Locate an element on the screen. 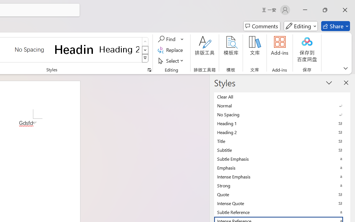 This screenshot has height=222, width=355. 'Task Pane Options' is located at coordinates (329, 82).